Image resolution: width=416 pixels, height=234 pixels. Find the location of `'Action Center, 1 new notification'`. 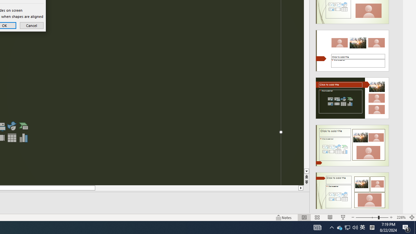

'Action Center, 1 new notification' is located at coordinates (406, 227).